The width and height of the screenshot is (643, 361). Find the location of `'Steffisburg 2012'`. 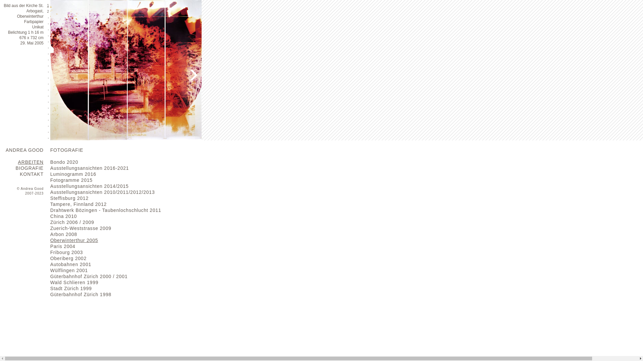

'Steffisburg 2012' is located at coordinates (69, 198).